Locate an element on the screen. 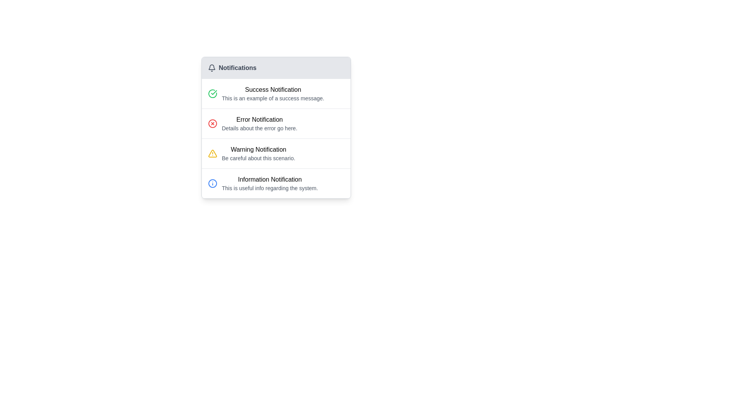 The image size is (748, 420). the SVG Circle Element located in the 'Information Notification' row of the 'Notifications' list, which serves a decorative and indicative function is located at coordinates (212, 183).